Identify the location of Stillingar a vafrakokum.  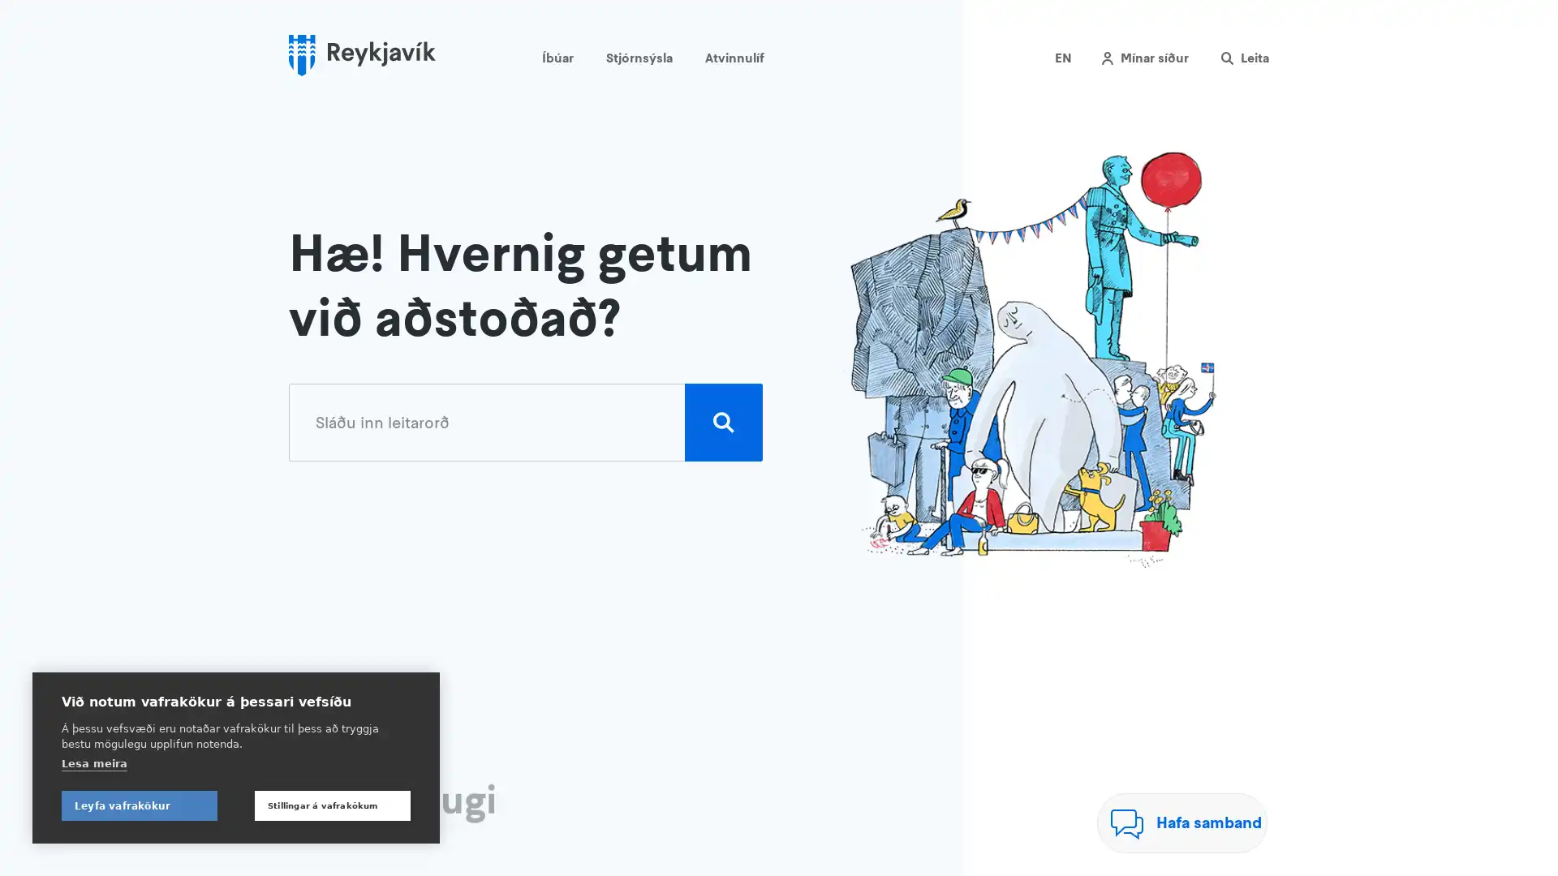
(331, 805).